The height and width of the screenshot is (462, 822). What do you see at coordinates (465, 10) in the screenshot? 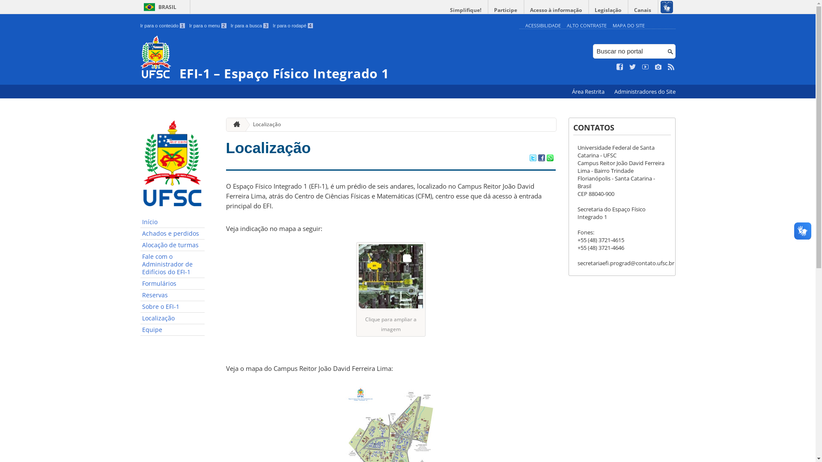
I see `'Simplifique!'` at bounding box center [465, 10].